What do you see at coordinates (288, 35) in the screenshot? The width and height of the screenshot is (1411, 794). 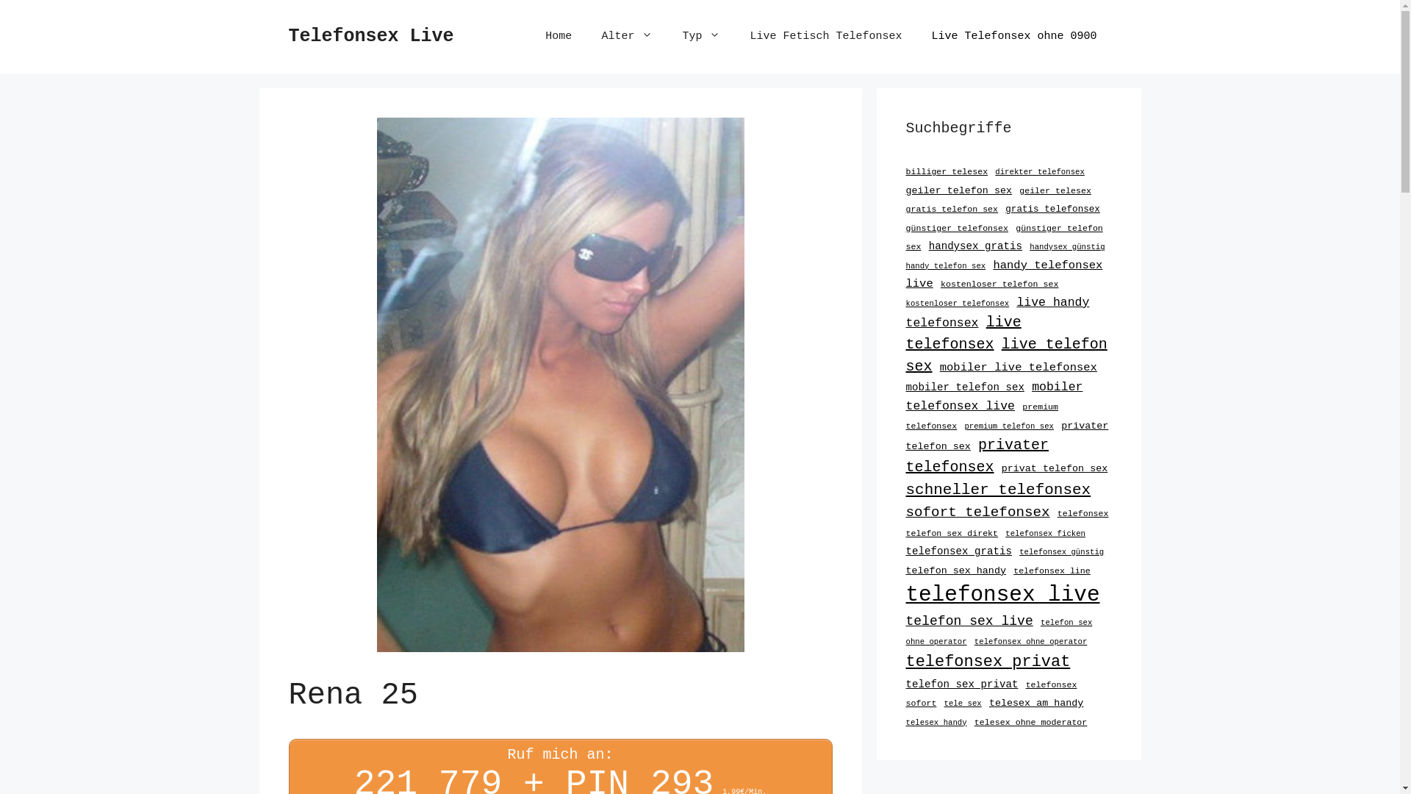 I see `'Telefonsex Live'` at bounding box center [288, 35].